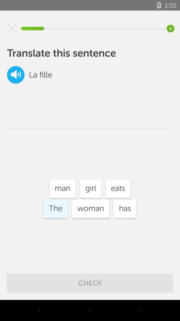 The width and height of the screenshot is (180, 321). I want to click on the item to the left of eats item, so click(90, 189).